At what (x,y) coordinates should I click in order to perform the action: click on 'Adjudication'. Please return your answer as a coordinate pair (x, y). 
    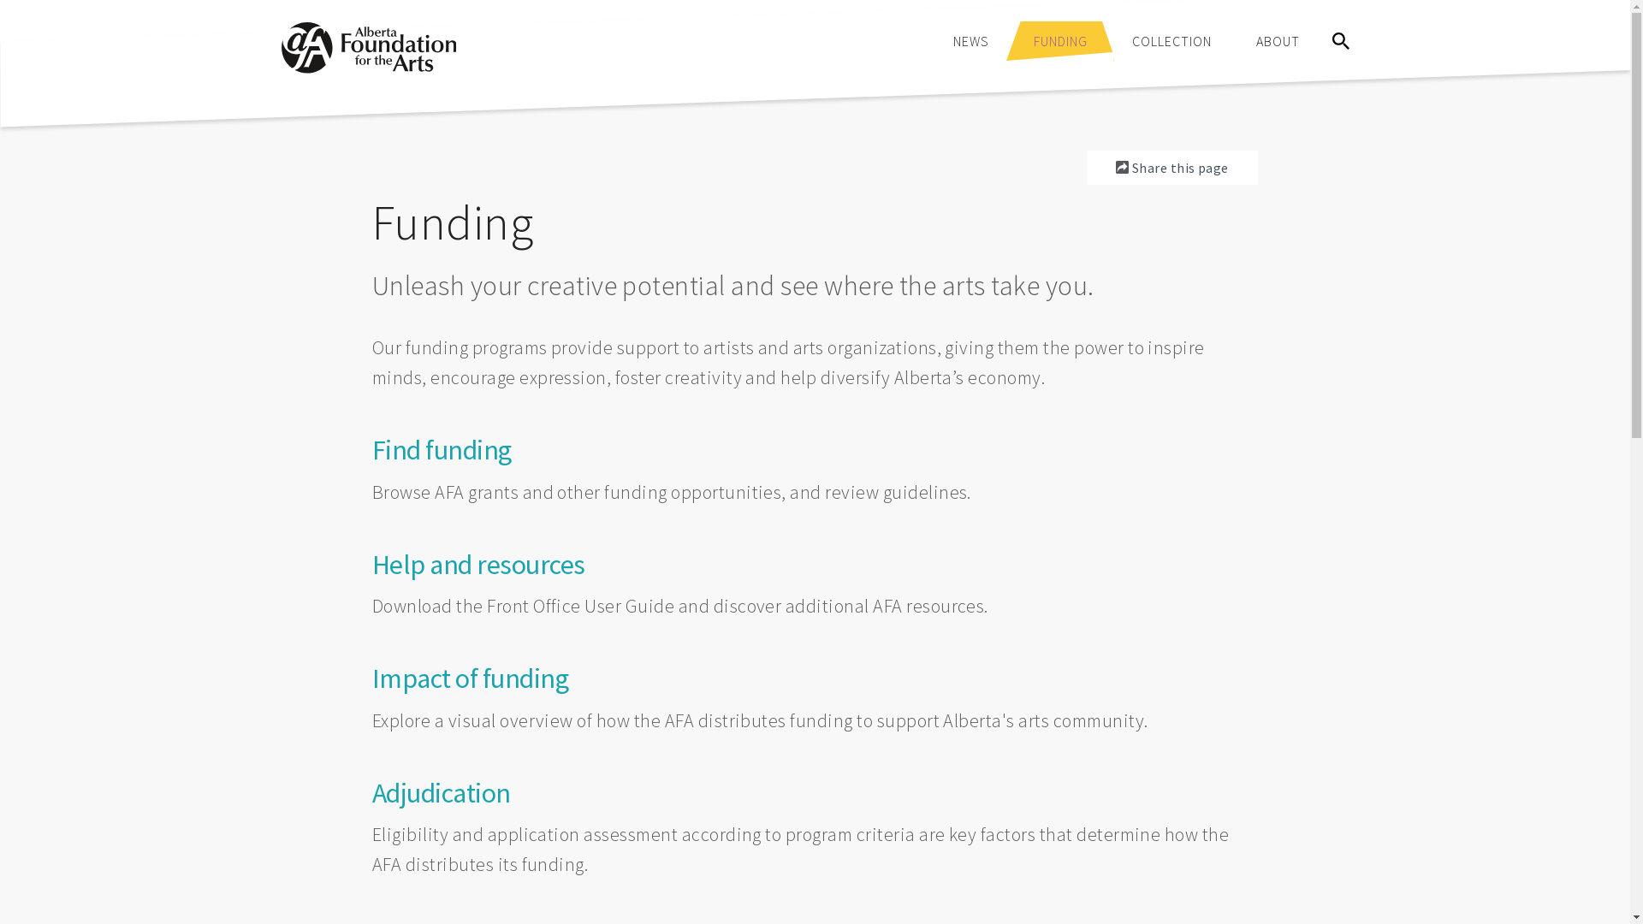
    Looking at the image, I should click on (441, 792).